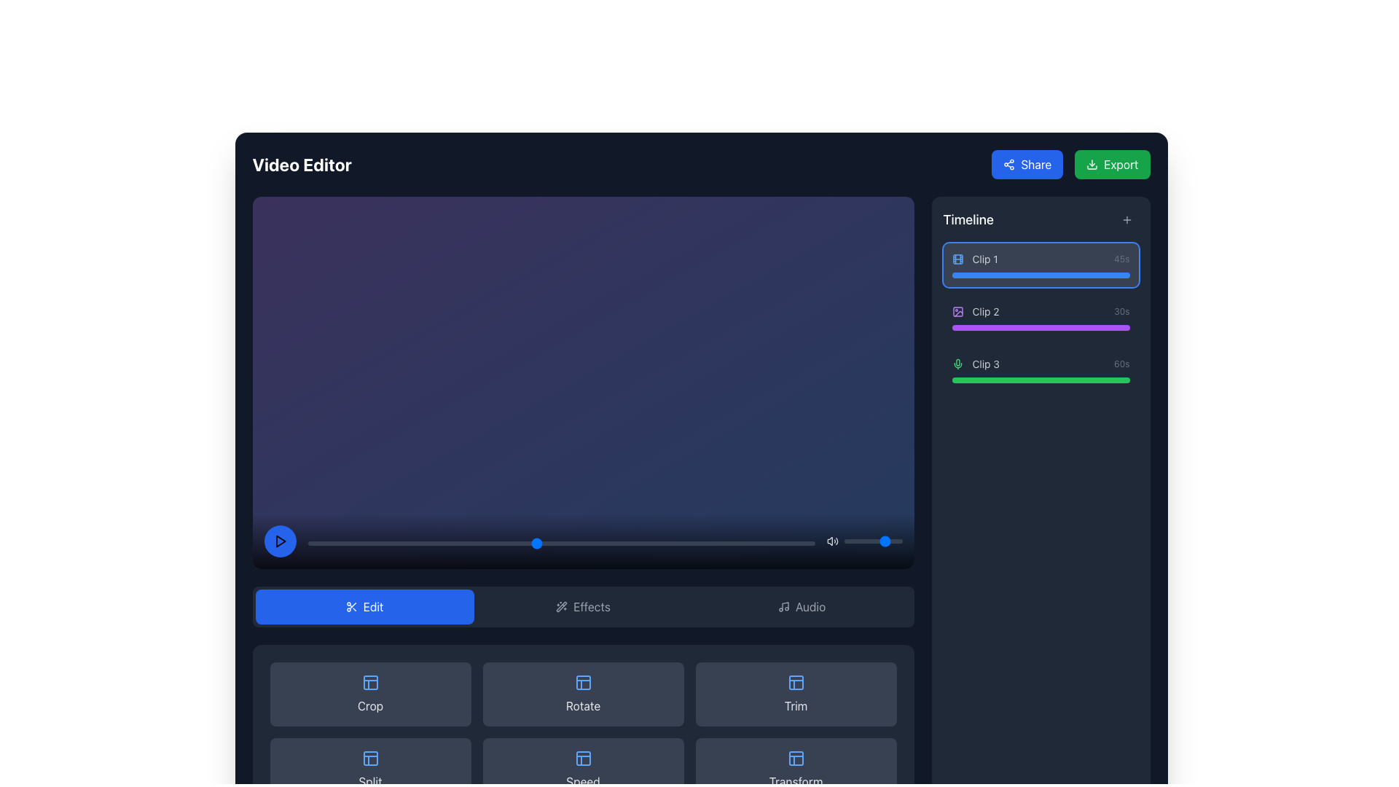  What do you see at coordinates (1126, 219) in the screenshot?
I see `the button located in the top-right corner of the 'Timeline' section` at bounding box center [1126, 219].